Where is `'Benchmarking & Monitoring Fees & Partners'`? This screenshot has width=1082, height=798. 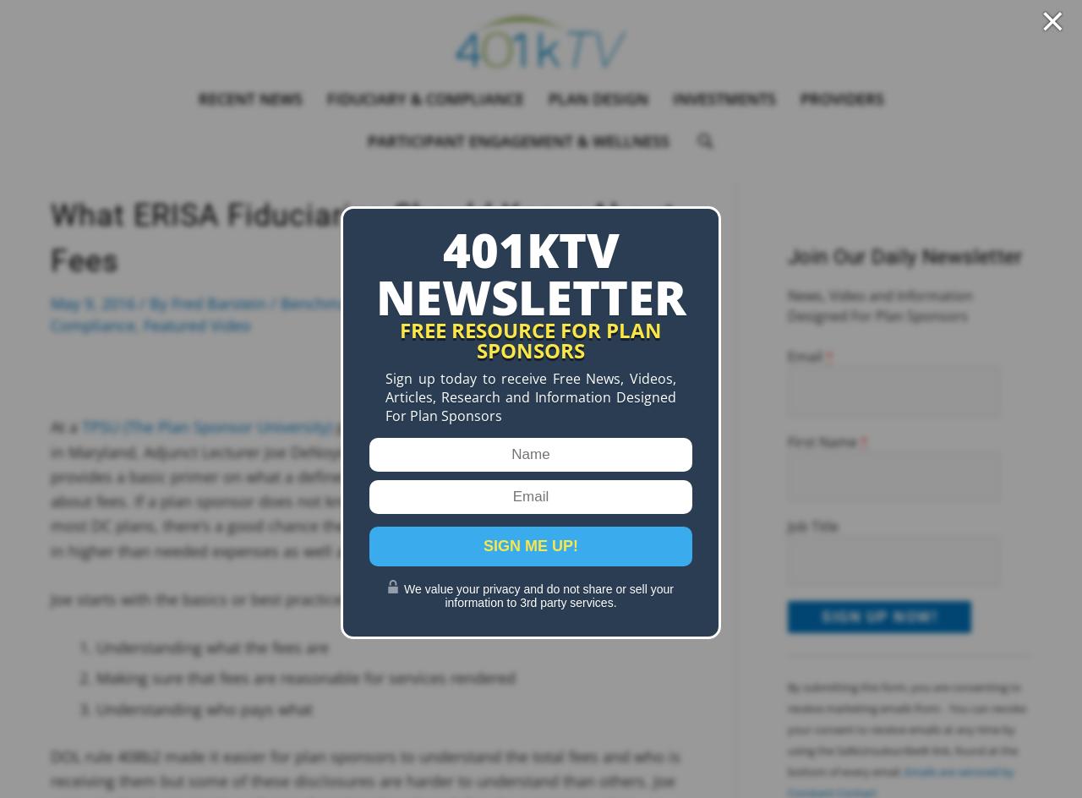
'Benchmarking & Monitoring Fees & Partners' is located at coordinates (439, 302).